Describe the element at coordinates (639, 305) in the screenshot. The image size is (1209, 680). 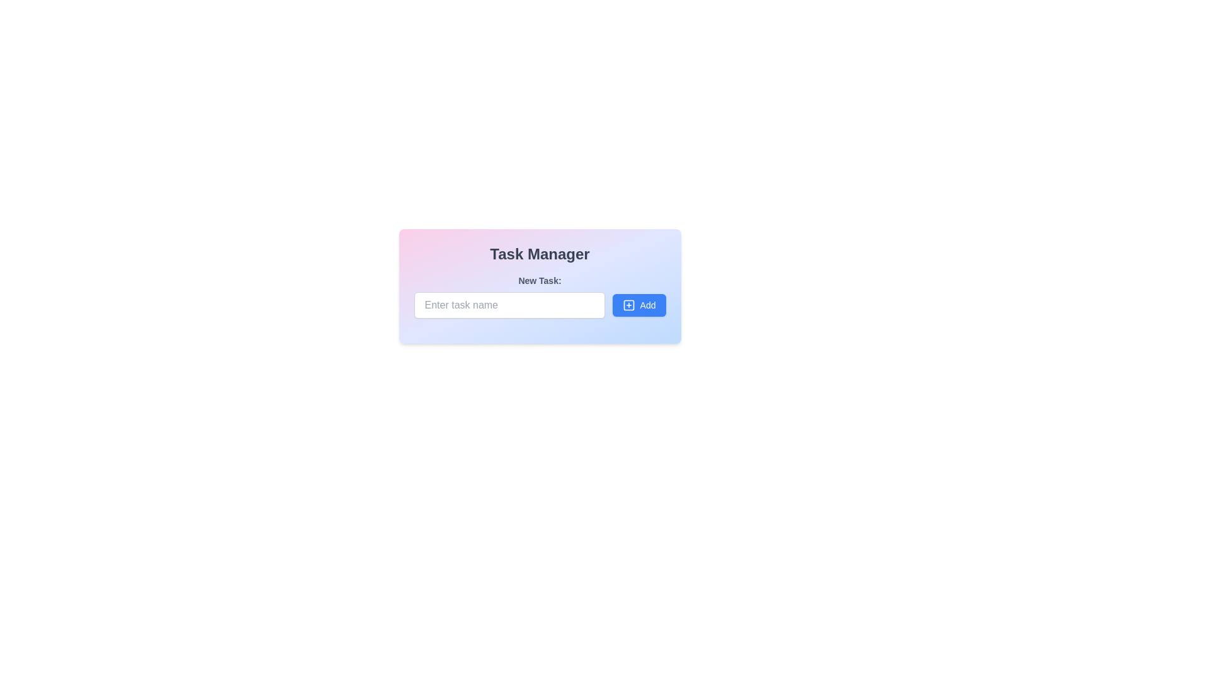
I see `the 'Add Task' button located to the right of the text input field in the 'New Task' section` at that location.